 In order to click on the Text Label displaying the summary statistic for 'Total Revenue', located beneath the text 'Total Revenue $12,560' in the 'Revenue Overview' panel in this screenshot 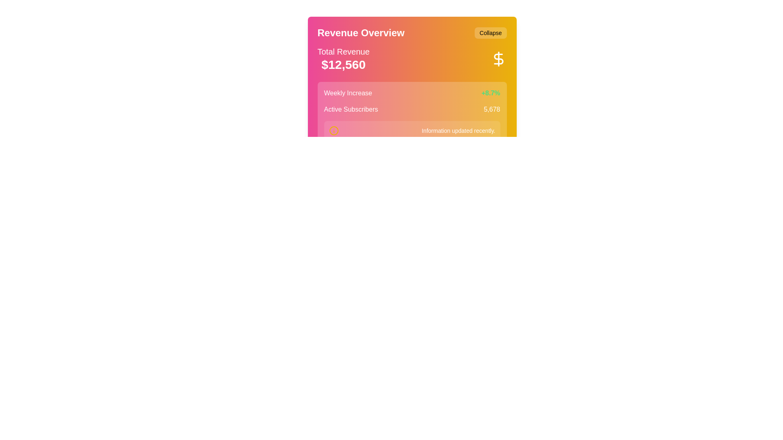, I will do `click(343, 64)`.